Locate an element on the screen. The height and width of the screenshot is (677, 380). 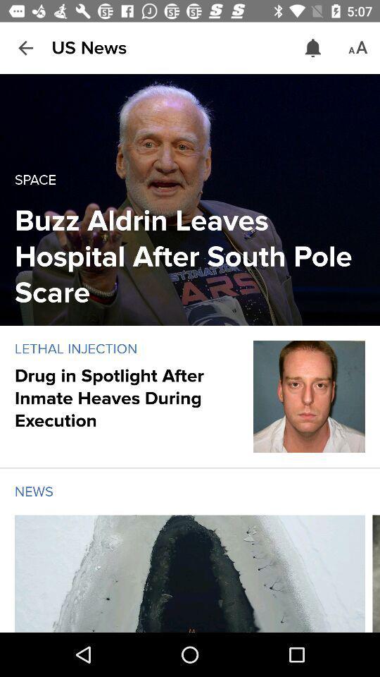
us news icon is located at coordinates (89, 48).